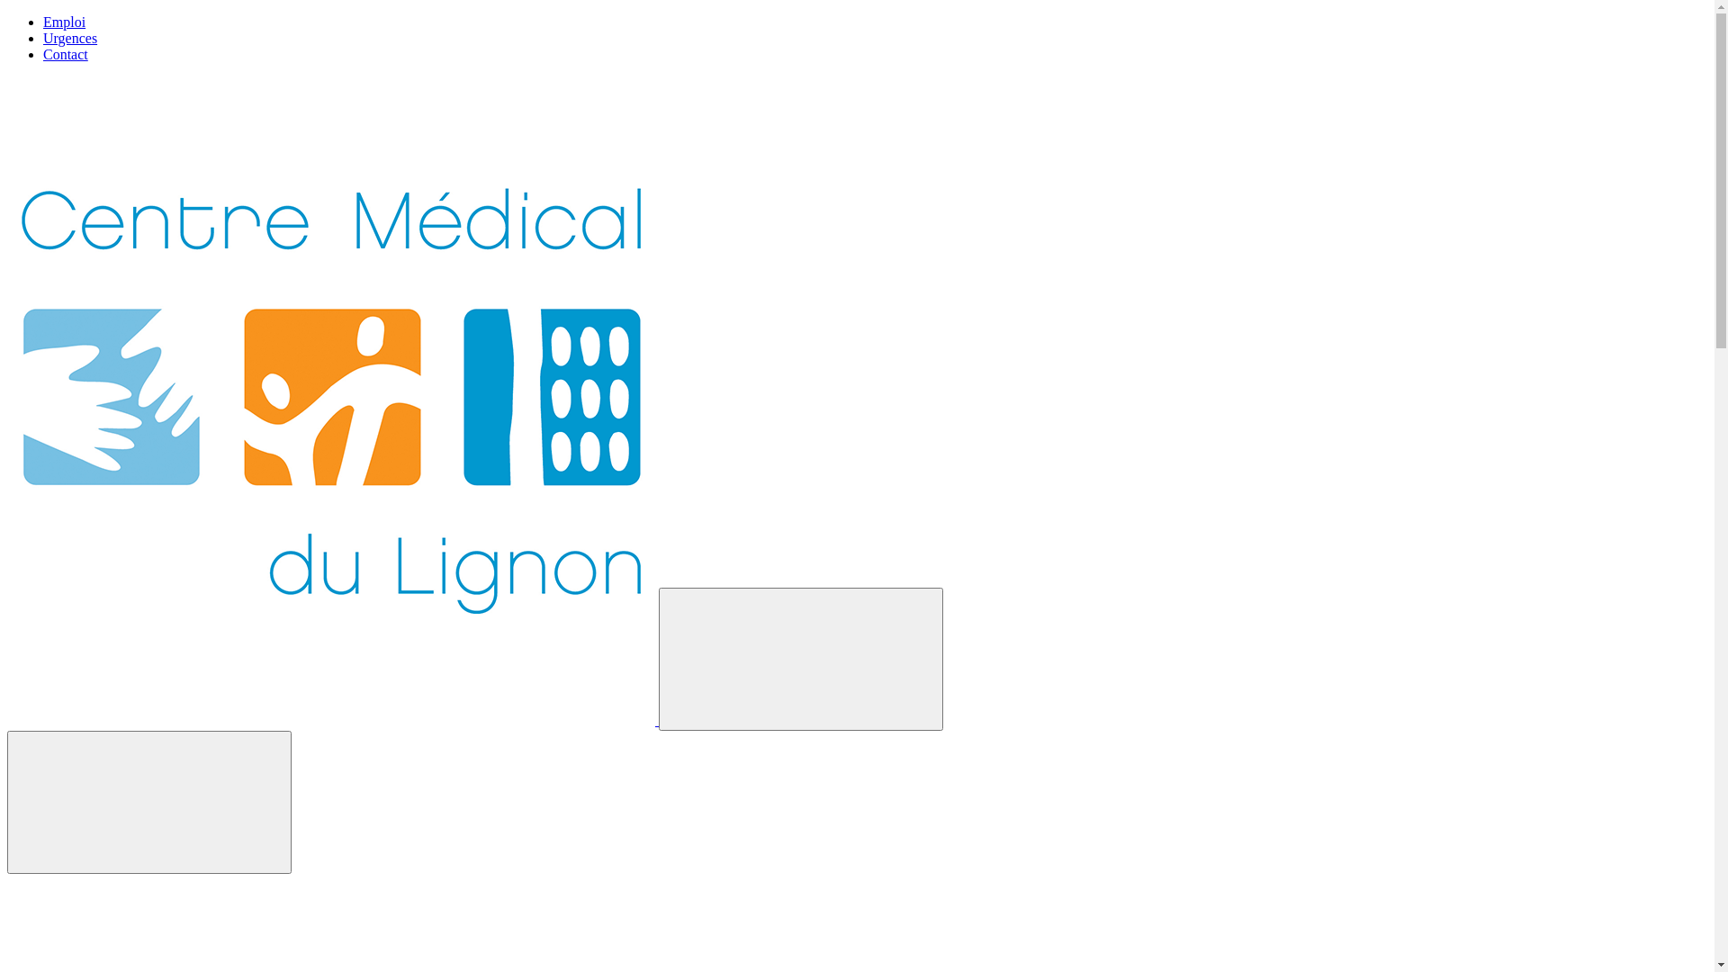 The image size is (1728, 972). What do you see at coordinates (69, 38) in the screenshot?
I see `'Urgences'` at bounding box center [69, 38].